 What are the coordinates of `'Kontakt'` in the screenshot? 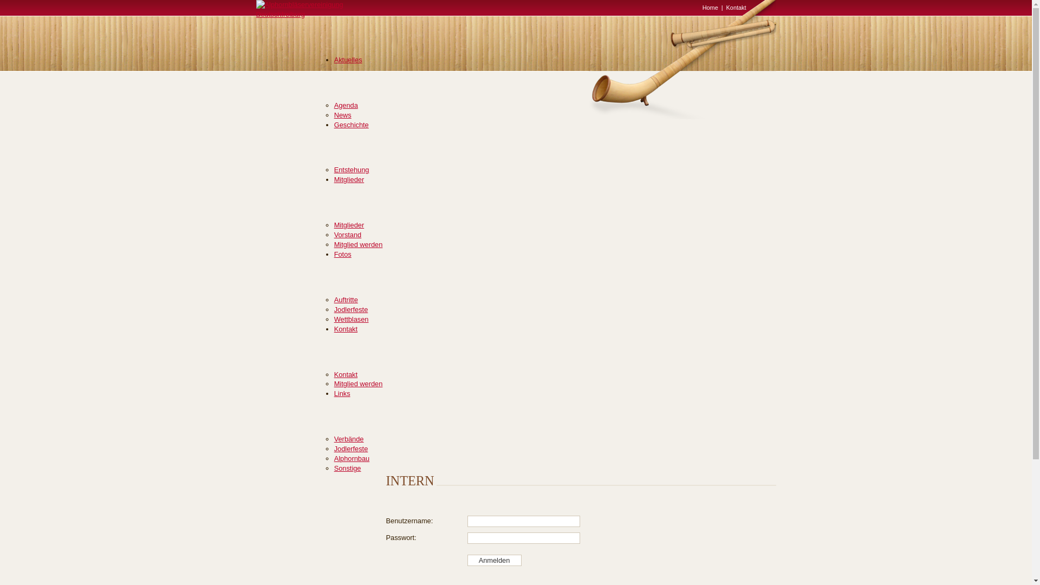 It's located at (345, 374).